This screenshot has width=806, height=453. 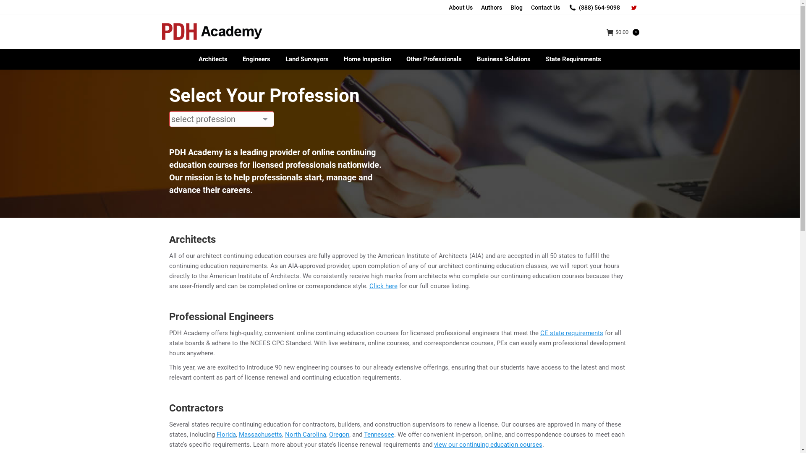 What do you see at coordinates (510, 8) in the screenshot?
I see `'Blog'` at bounding box center [510, 8].